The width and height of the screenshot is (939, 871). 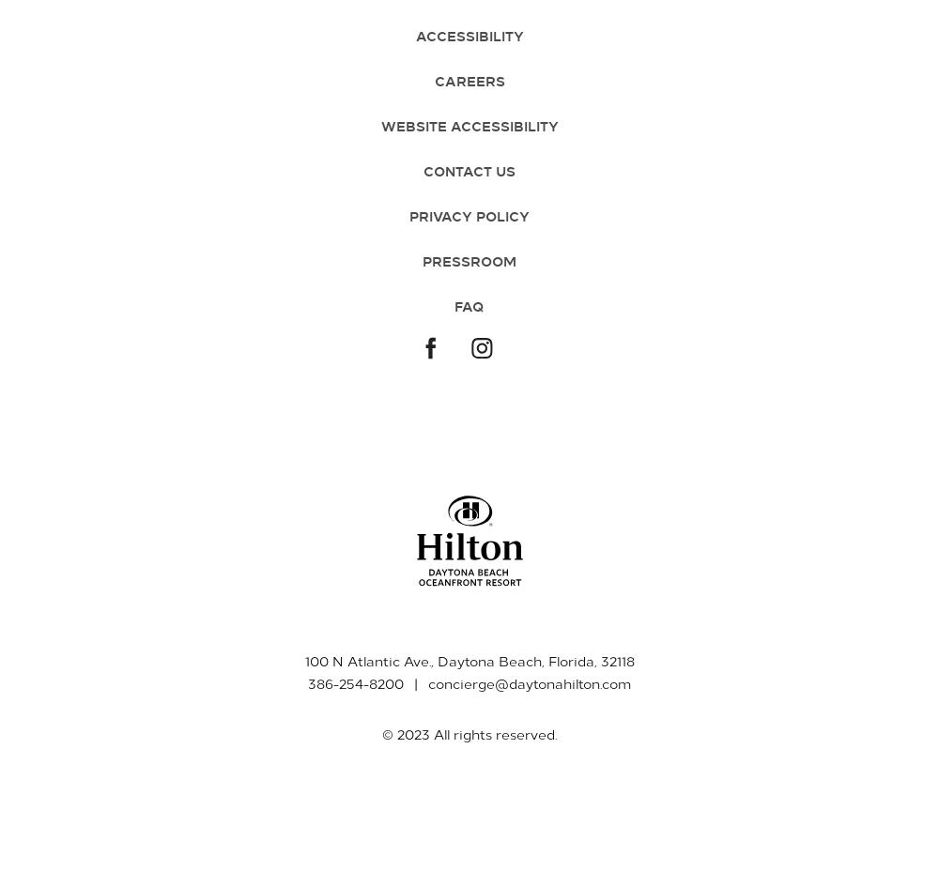 I want to click on 'FAQ', so click(x=469, y=305).